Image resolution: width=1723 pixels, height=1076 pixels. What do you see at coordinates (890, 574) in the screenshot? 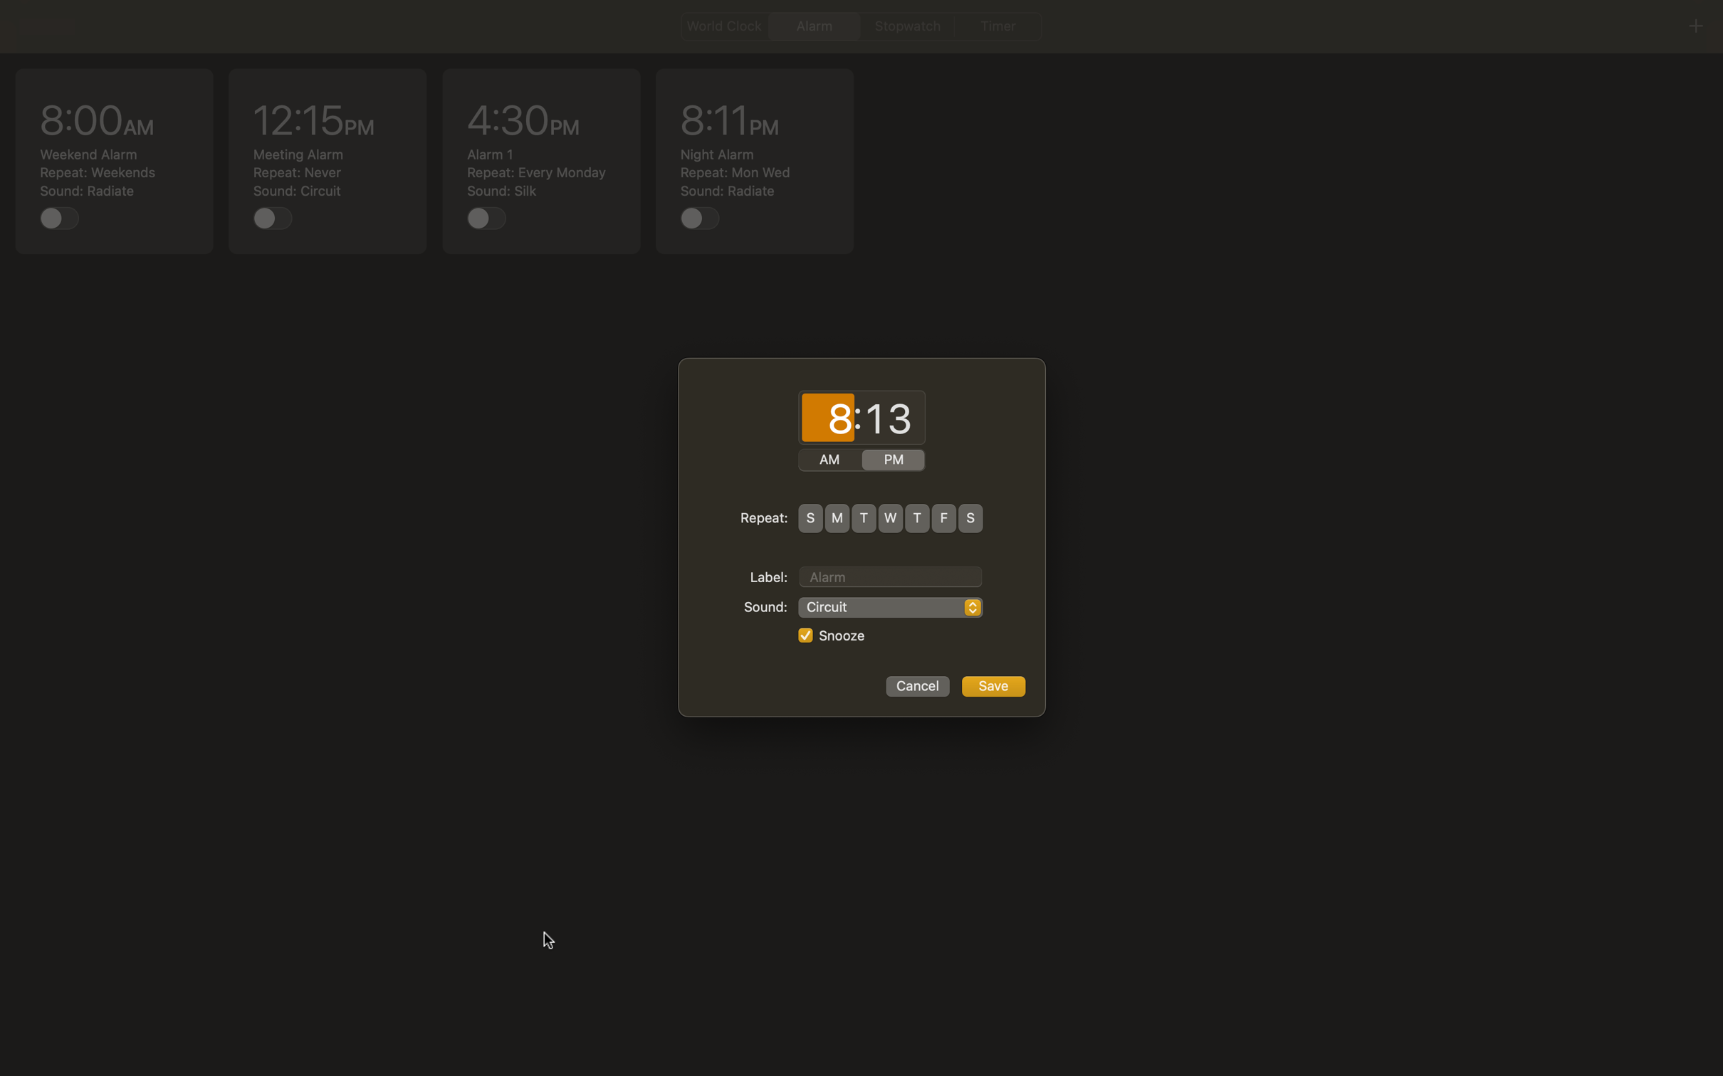
I see `Label the alarm as "Lazy Day` at bounding box center [890, 574].